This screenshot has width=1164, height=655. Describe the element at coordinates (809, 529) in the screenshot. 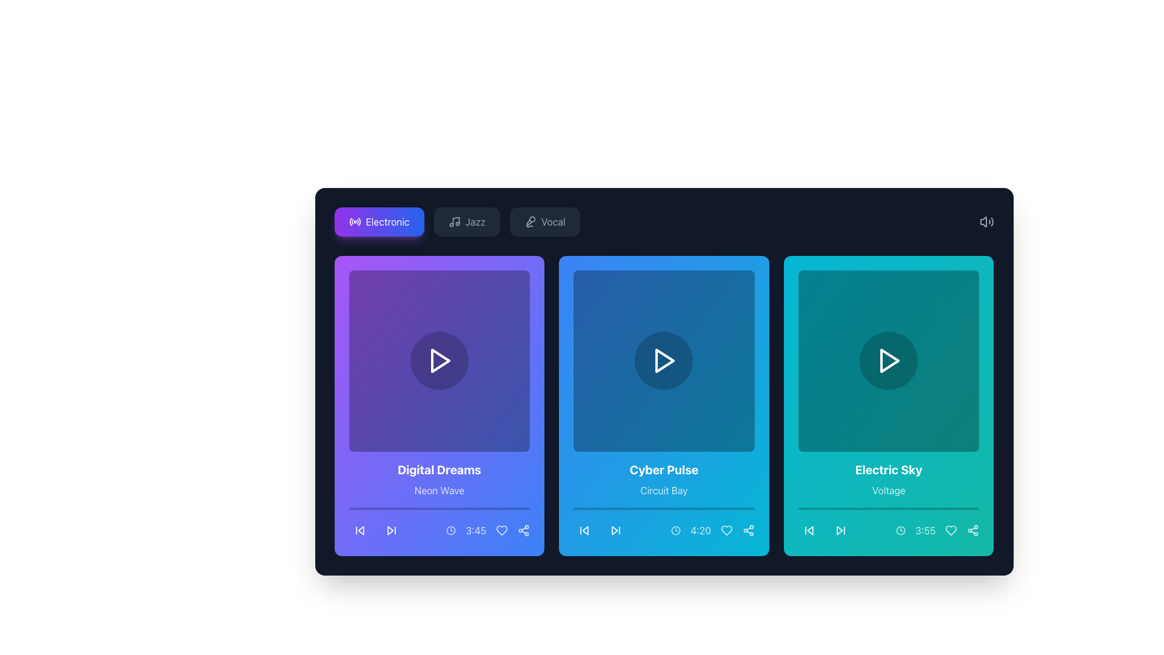

I see `the backward skip button icon, which is a small white triangle pointing left on a teal background` at that location.